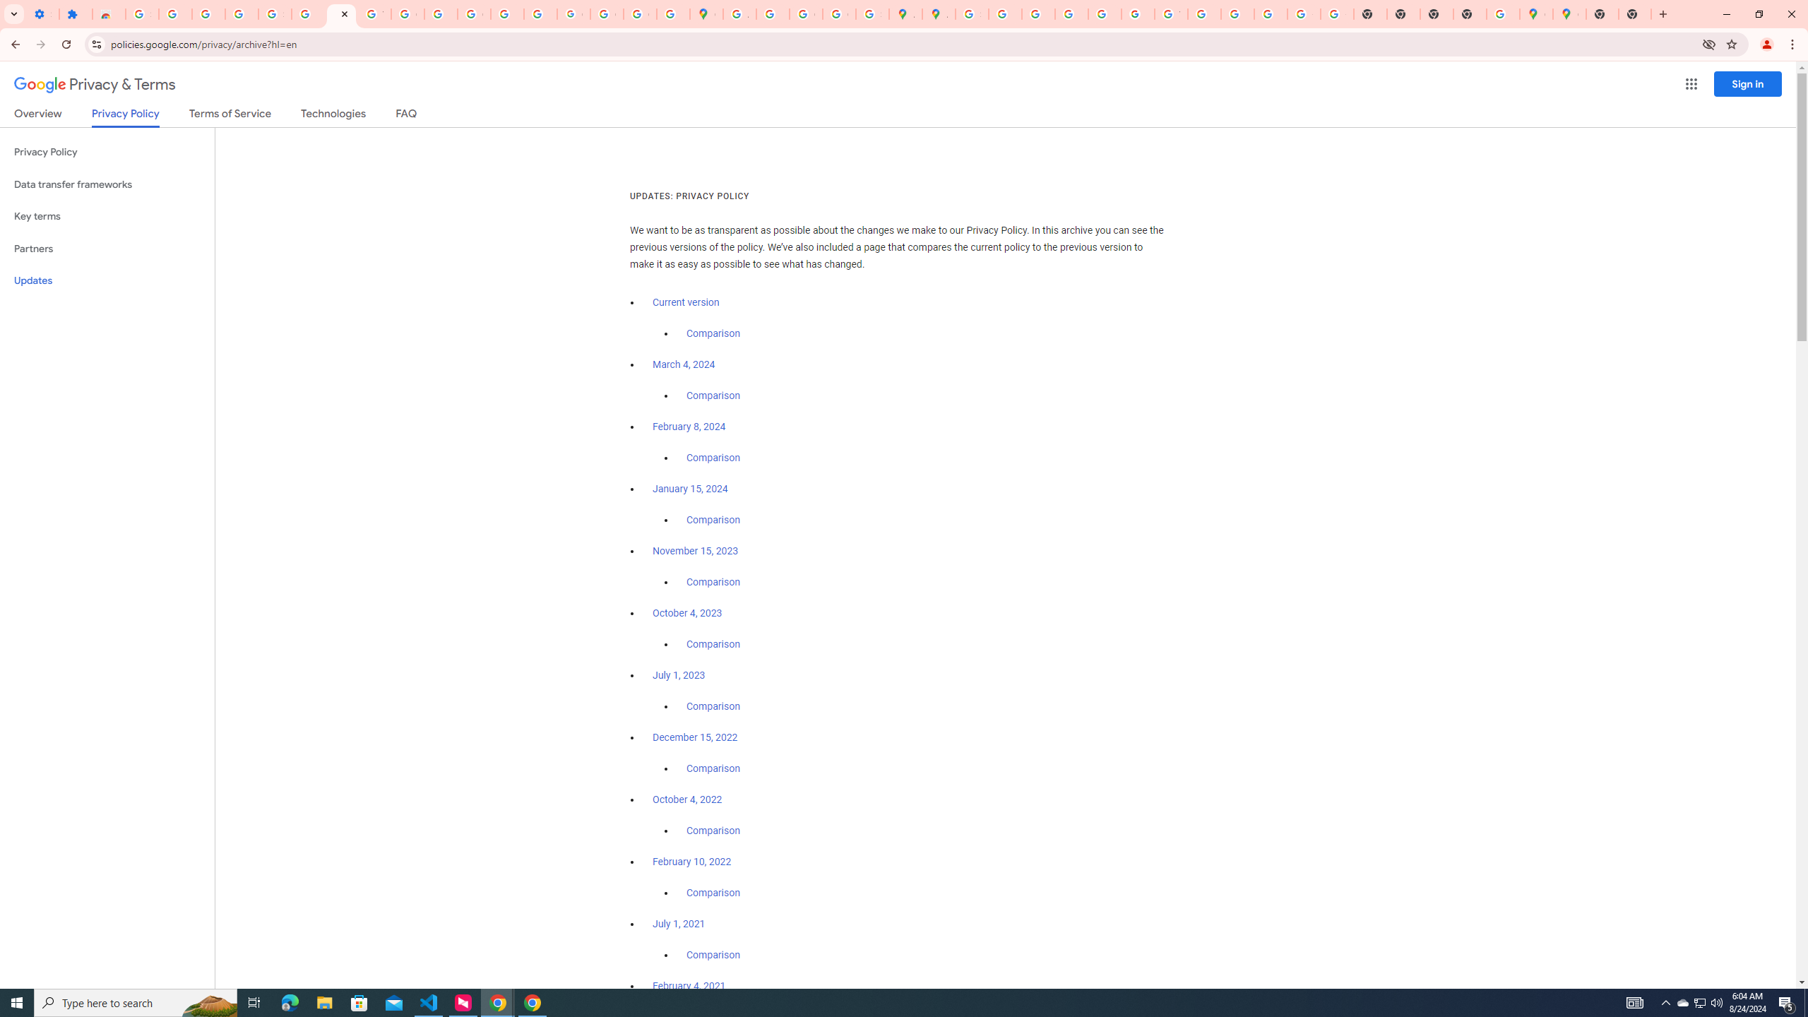 This screenshot has height=1017, width=1808. I want to click on 'July 1, 2023', so click(679, 674).